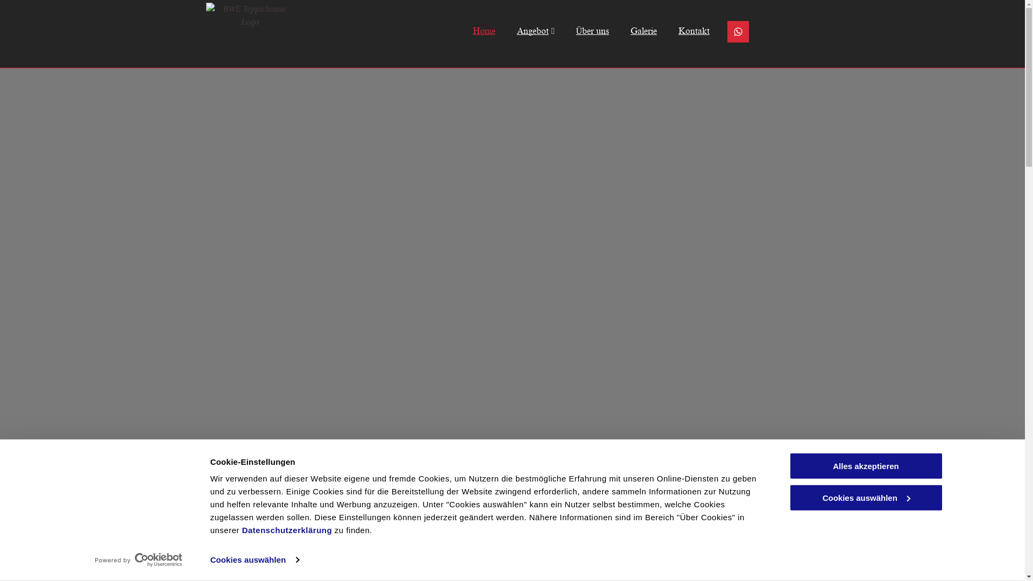 The width and height of the screenshot is (1033, 581). Describe the element at coordinates (525, 30) in the screenshot. I see `'Angebot'` at that location.